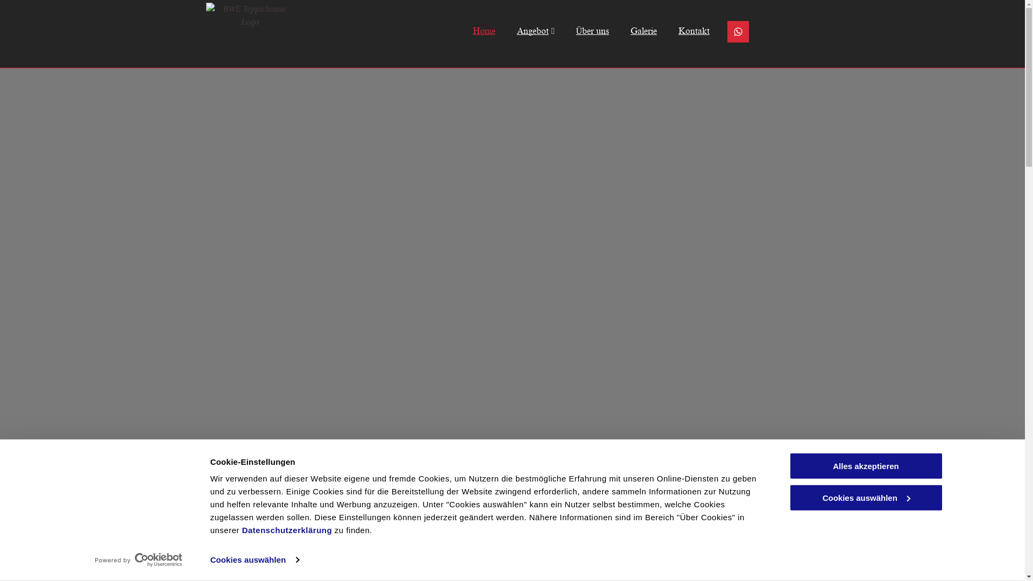 The width and height of the screenshot is (1033, 581). Describe the element at coordinates (525, 30) in the screenshot. I see `'Angebot'` at that location.